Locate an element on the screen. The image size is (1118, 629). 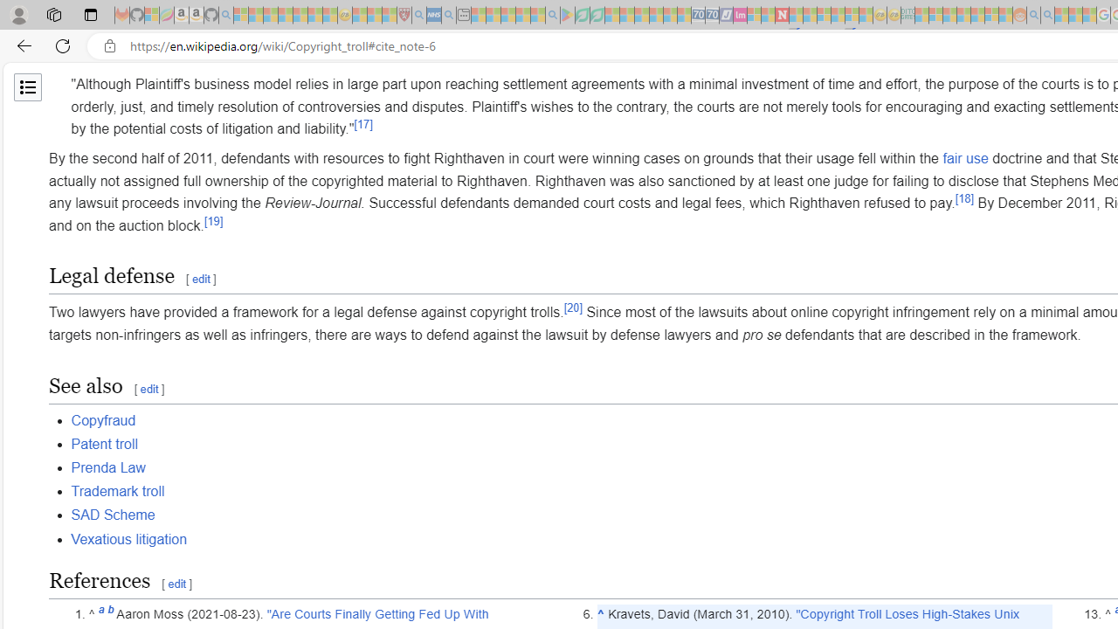
'[20]' is located at coordinates (573, 307).